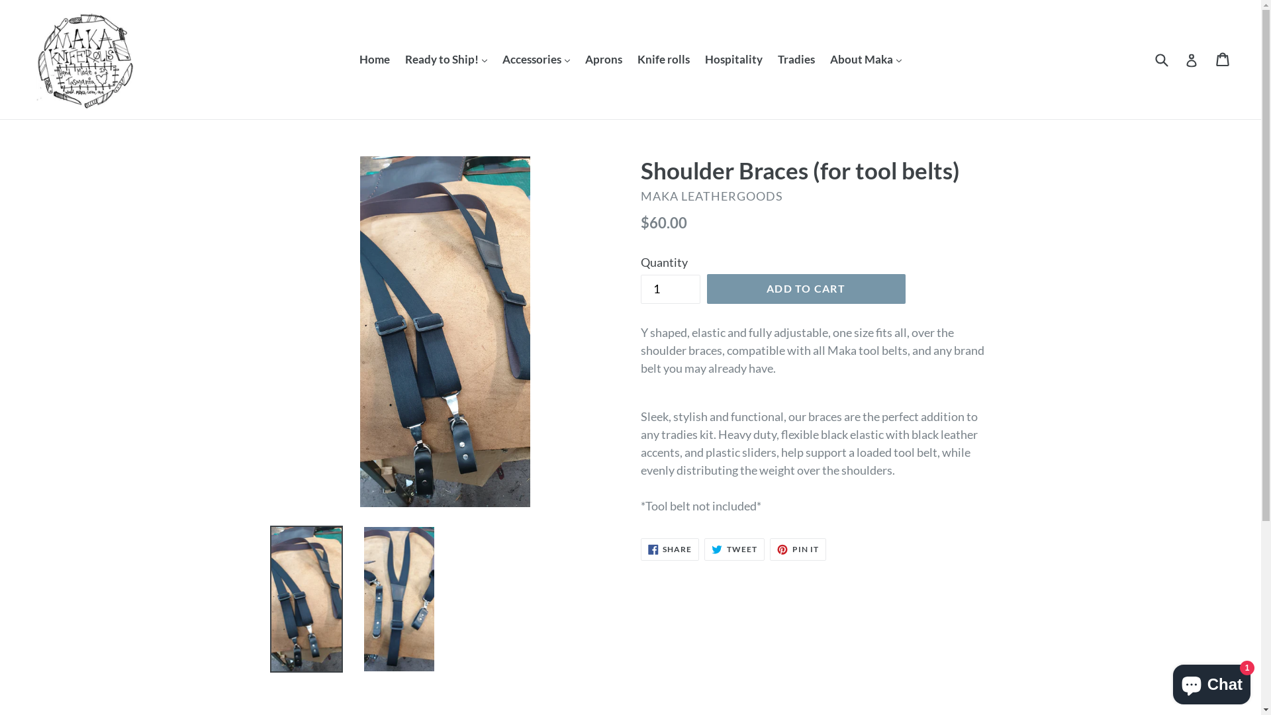  Describe the element at coordinates (663, 58) in the screenshot. I see `'Knife rolls'` at that location.